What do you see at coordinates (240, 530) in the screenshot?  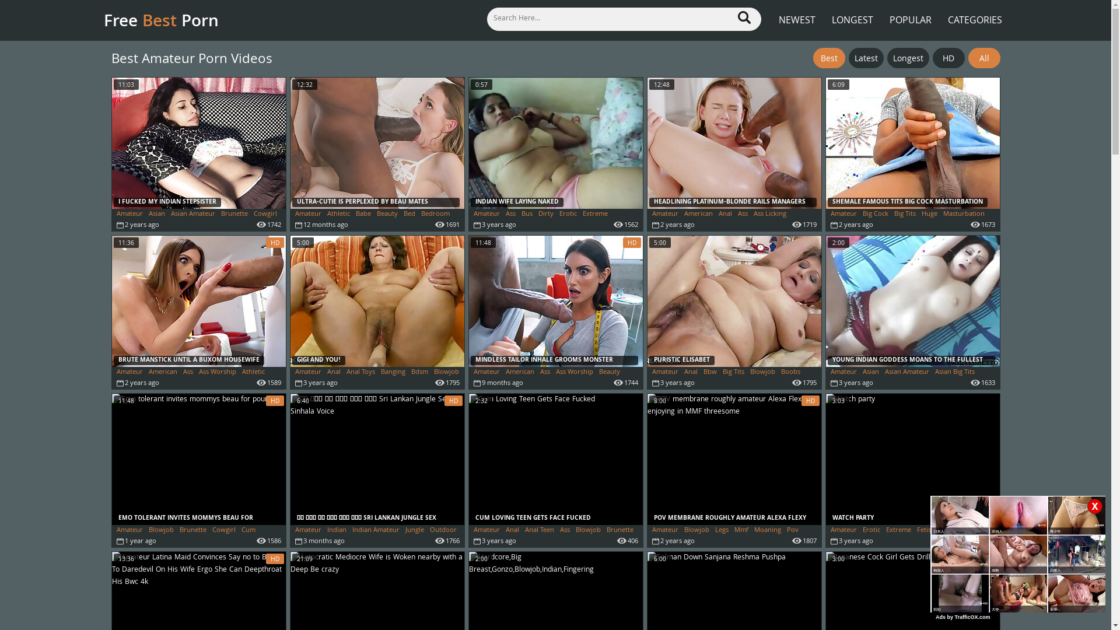 I see `'Cum'` at bounding box center [240, 530].